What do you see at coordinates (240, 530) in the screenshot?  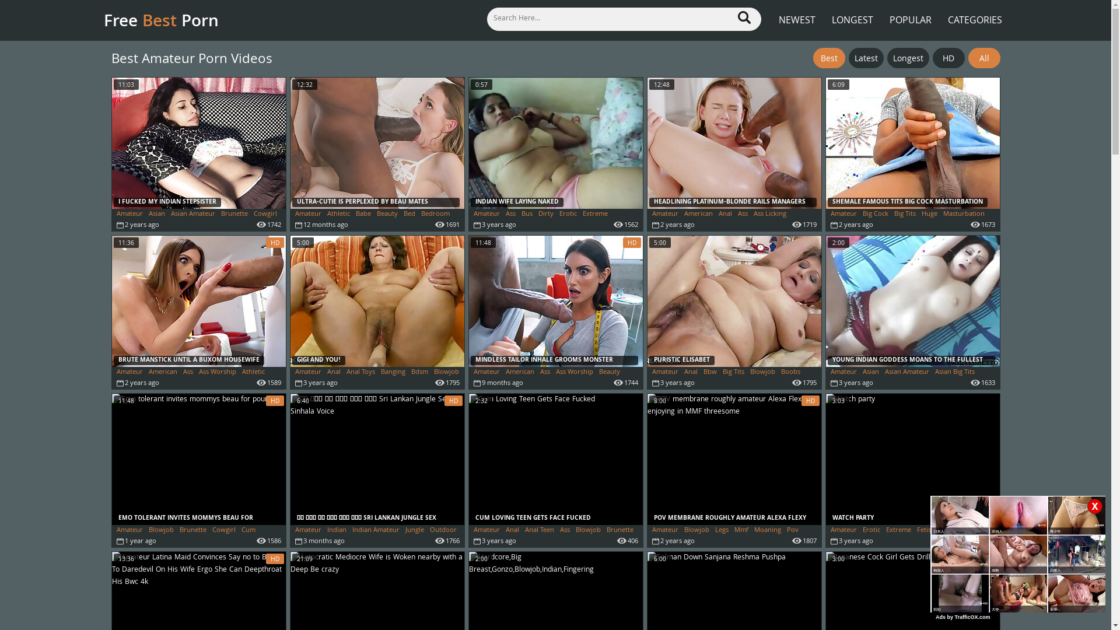 I see `'Cum'` at bounding box center [240, 530].